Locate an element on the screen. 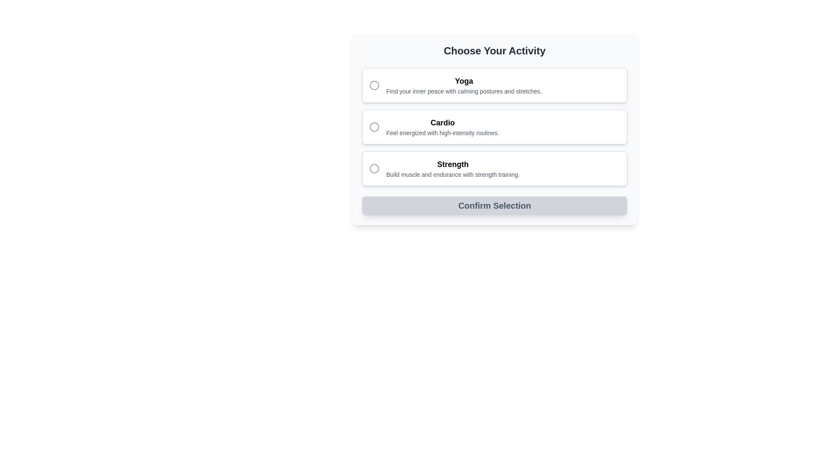 The image size is (816, 459). the graphical icon or marker corresponding to the 'Strength' option in the set of radio buttons is located at coordinates (374, 169).